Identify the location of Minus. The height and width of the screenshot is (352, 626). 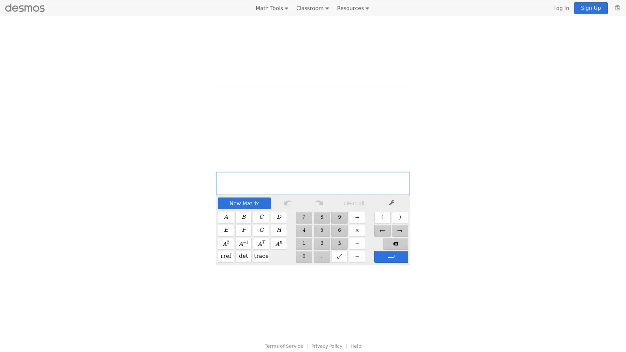
(356, 256).